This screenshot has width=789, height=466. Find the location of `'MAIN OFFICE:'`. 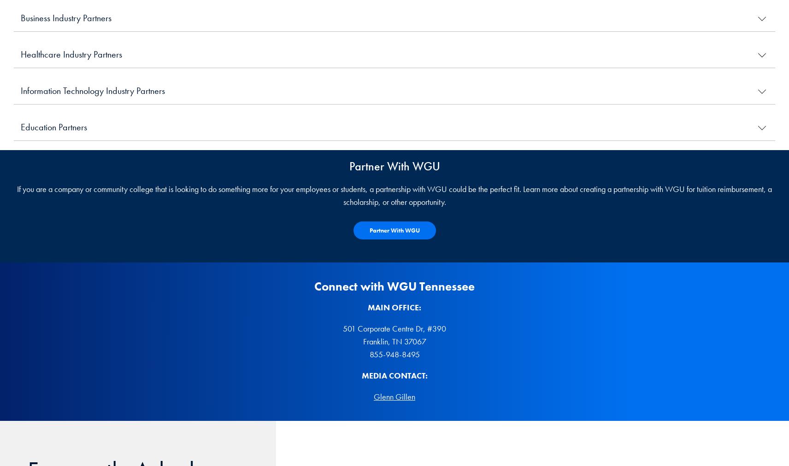

'MAIN OFFICE:' is located at coordinates (394, 307).